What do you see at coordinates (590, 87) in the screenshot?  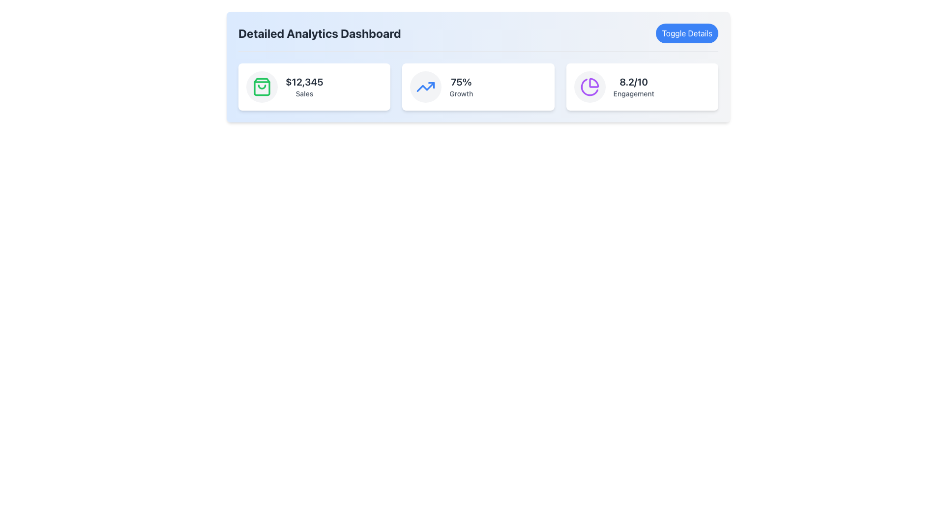 I see `the stylized purple pie chart icon located in the top-left area of the third card displaying the engagement metric (8.2/10)` at bounding box center [590, 87].